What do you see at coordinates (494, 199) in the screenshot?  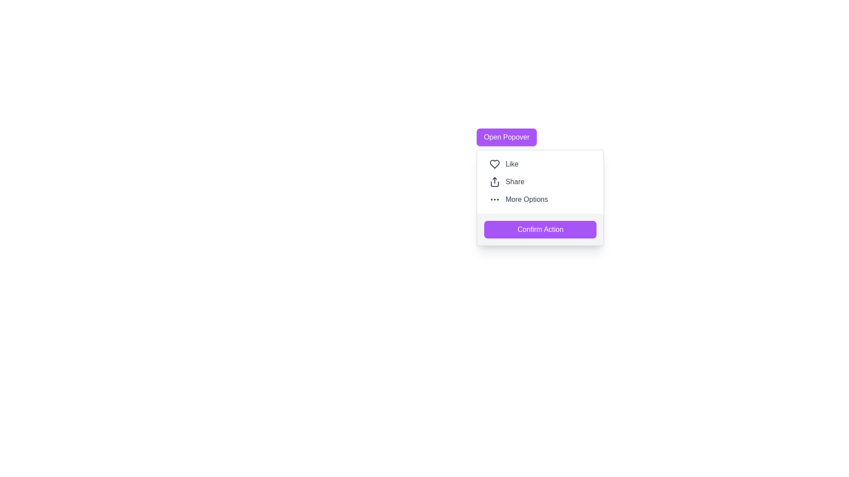 I see `the small horizontal ellipsis icon with three circular dots located in the 'More Options' section` at bounding box center [494, 199].